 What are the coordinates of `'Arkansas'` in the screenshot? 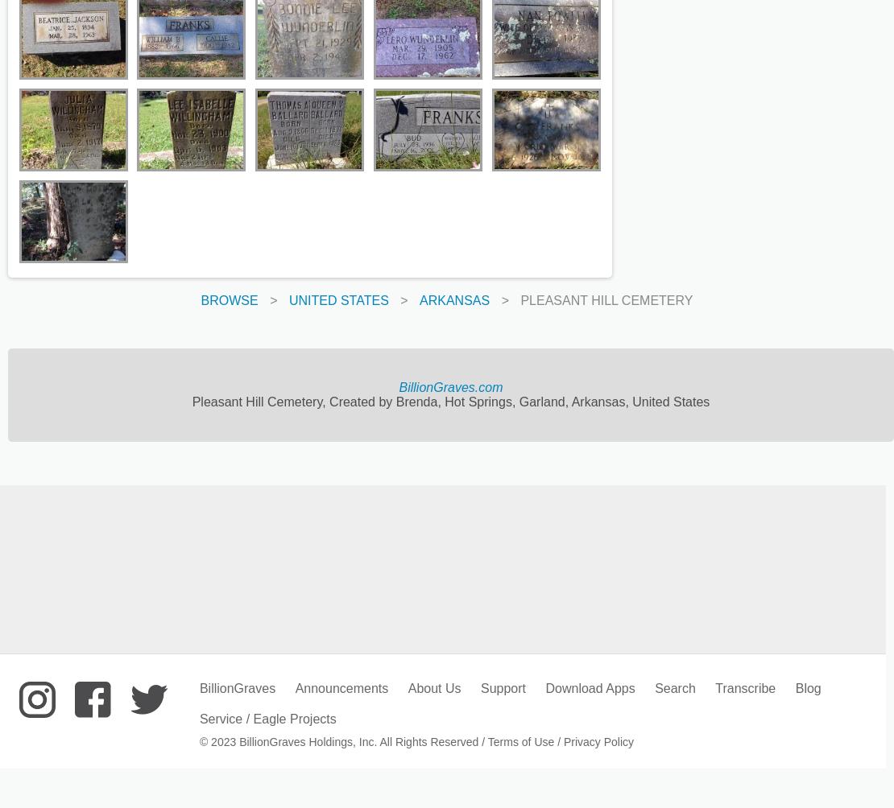 It's located at (454, 300).